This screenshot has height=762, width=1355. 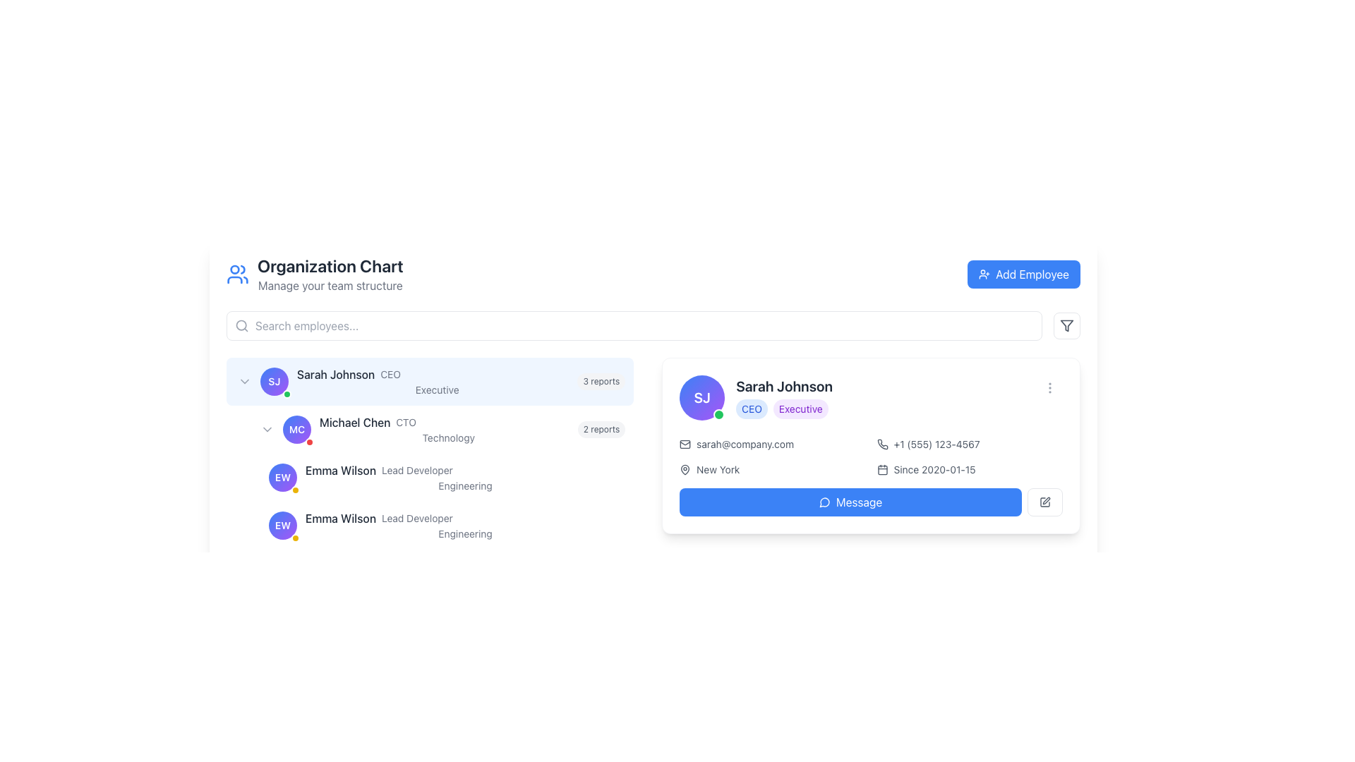 I want to click on phone number displayed in the Text label, which is styled with a small text size and dark gray color, positioned within a profile card next to a phone icon, so click(x=937, y=443).